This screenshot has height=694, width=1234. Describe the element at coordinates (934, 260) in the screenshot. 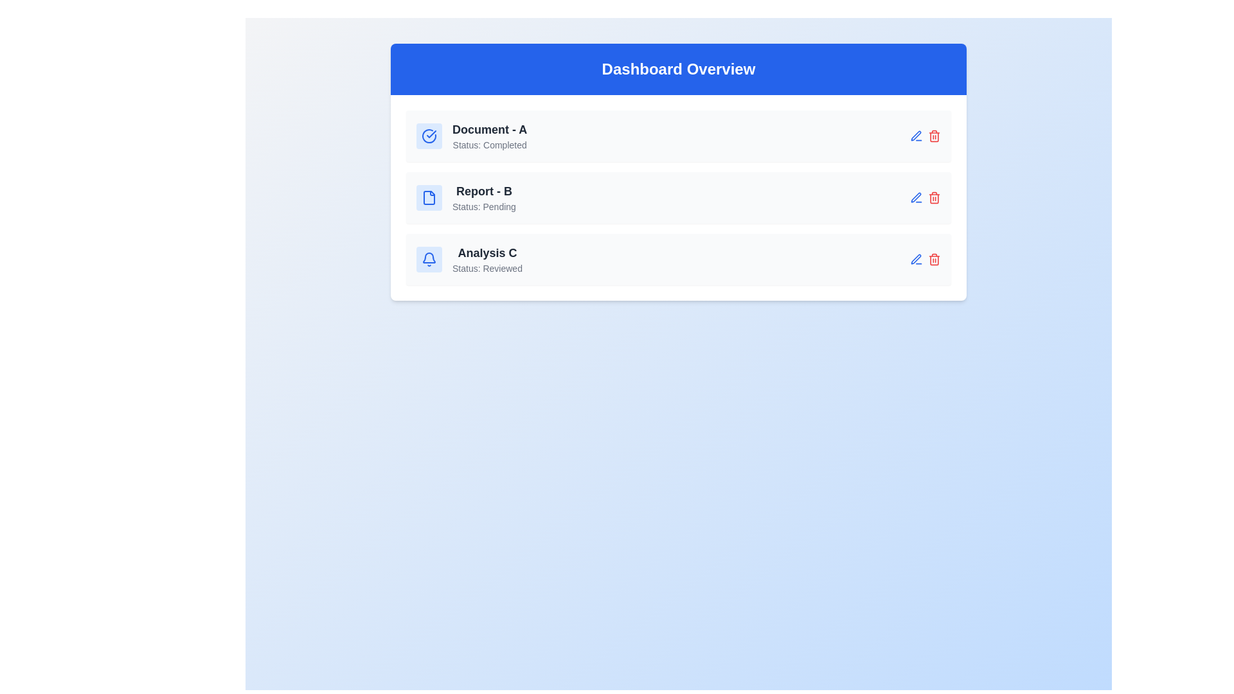

I see `the delete button located on the far right of the 'Analysis C' card in the Dashboard Overview` at that location.